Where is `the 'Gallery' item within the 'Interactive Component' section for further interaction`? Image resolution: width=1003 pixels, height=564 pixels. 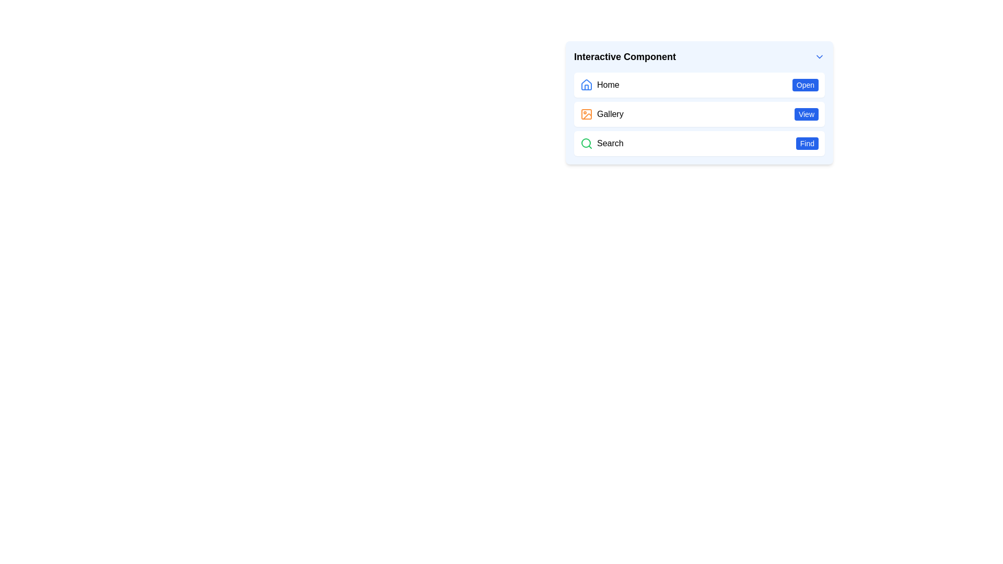
the 'Gallery' item within the 'Interactive Component' section for further interaction is located at coordinates (699, 102).